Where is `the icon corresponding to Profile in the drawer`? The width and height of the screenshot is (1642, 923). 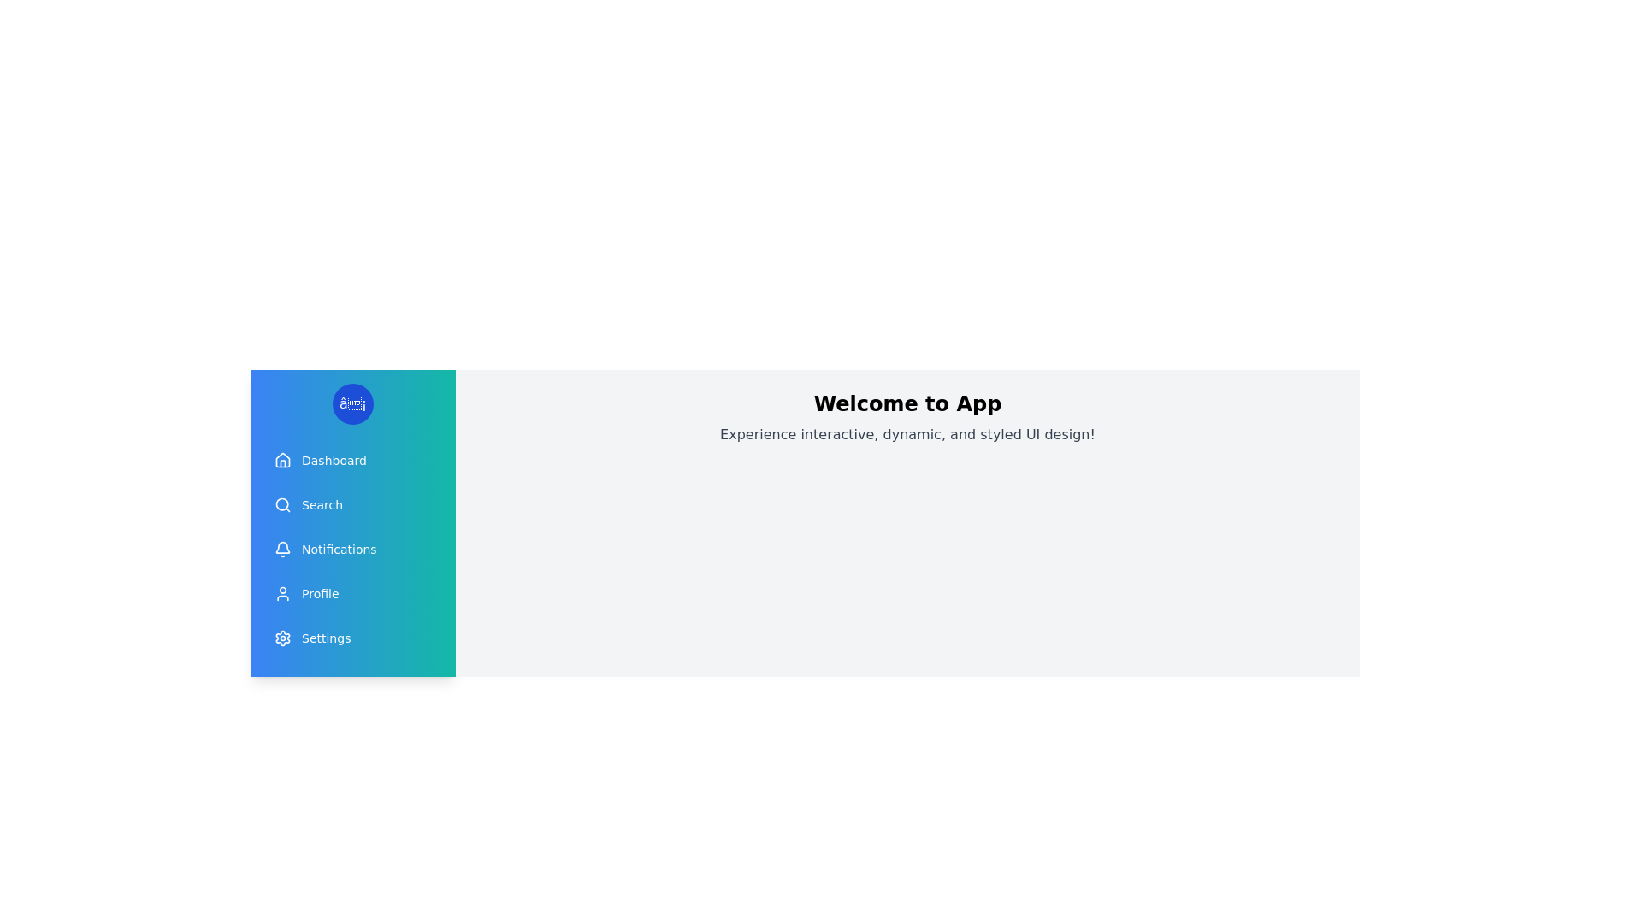 the icon corresponding to Profile in the drawer is located at coordinates (283, 592).